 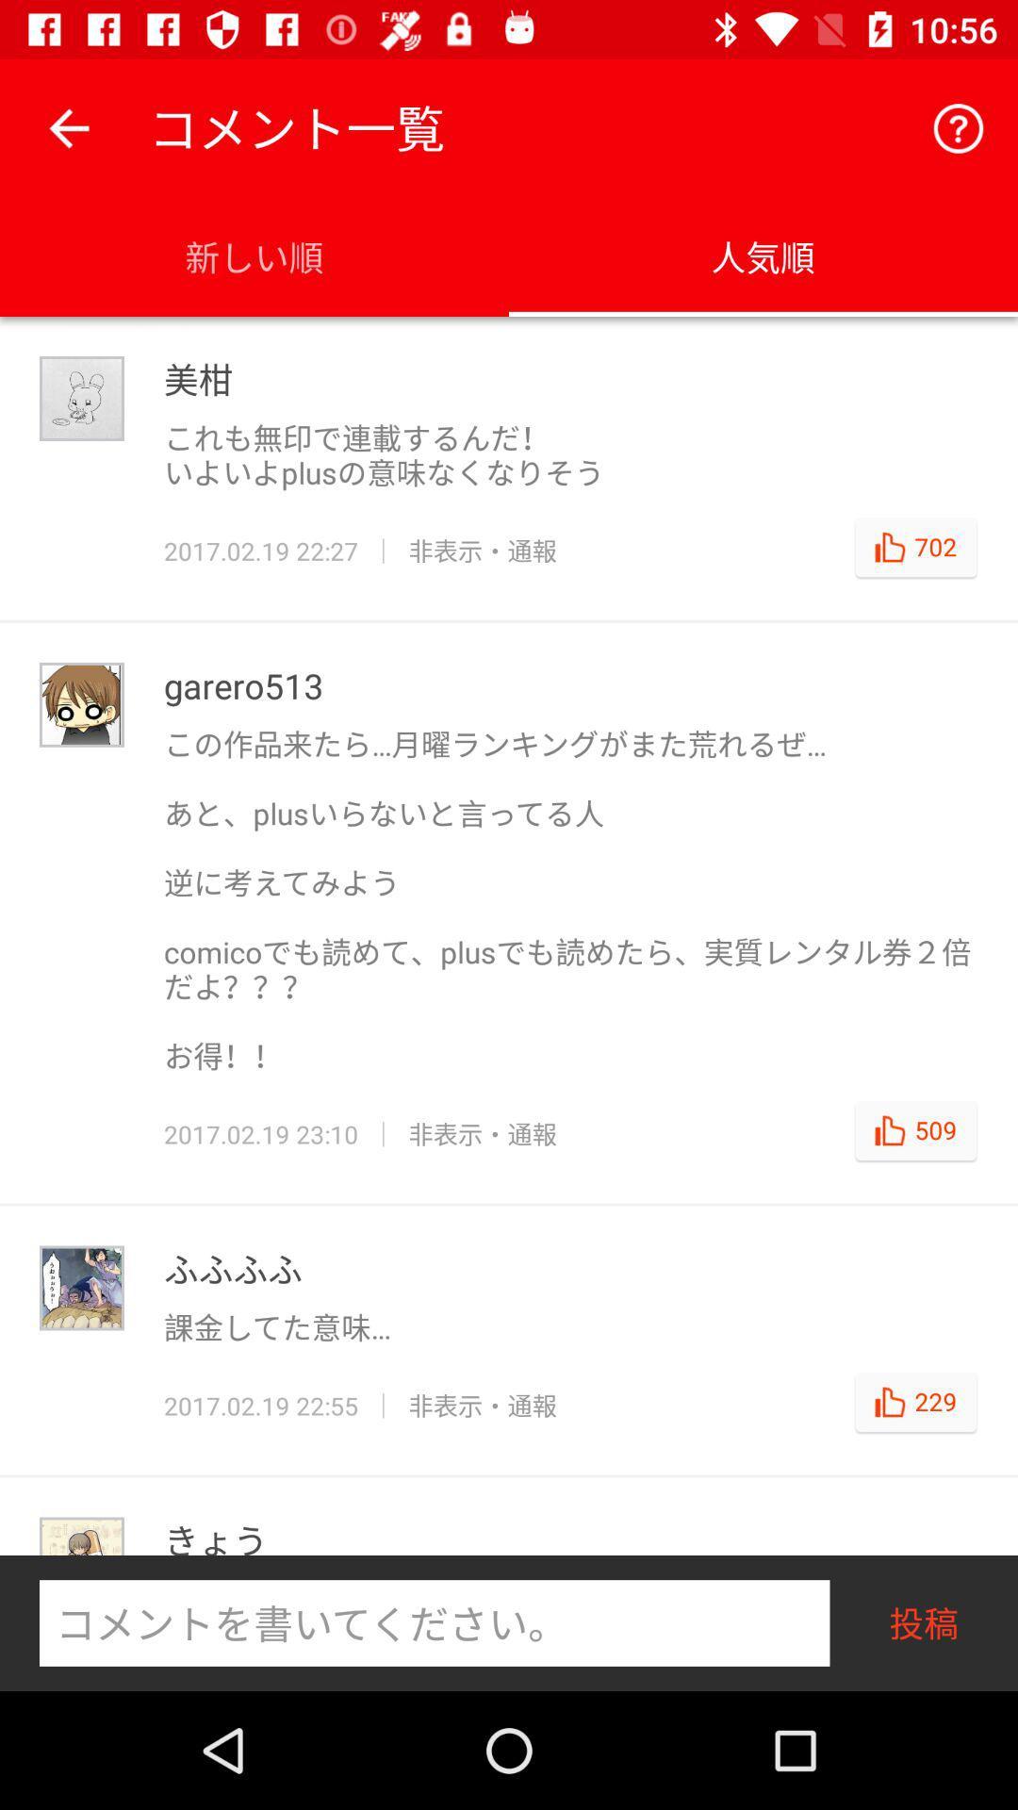 I want to click on the icon which is before garero513 on page, so click(x=81, y=704).